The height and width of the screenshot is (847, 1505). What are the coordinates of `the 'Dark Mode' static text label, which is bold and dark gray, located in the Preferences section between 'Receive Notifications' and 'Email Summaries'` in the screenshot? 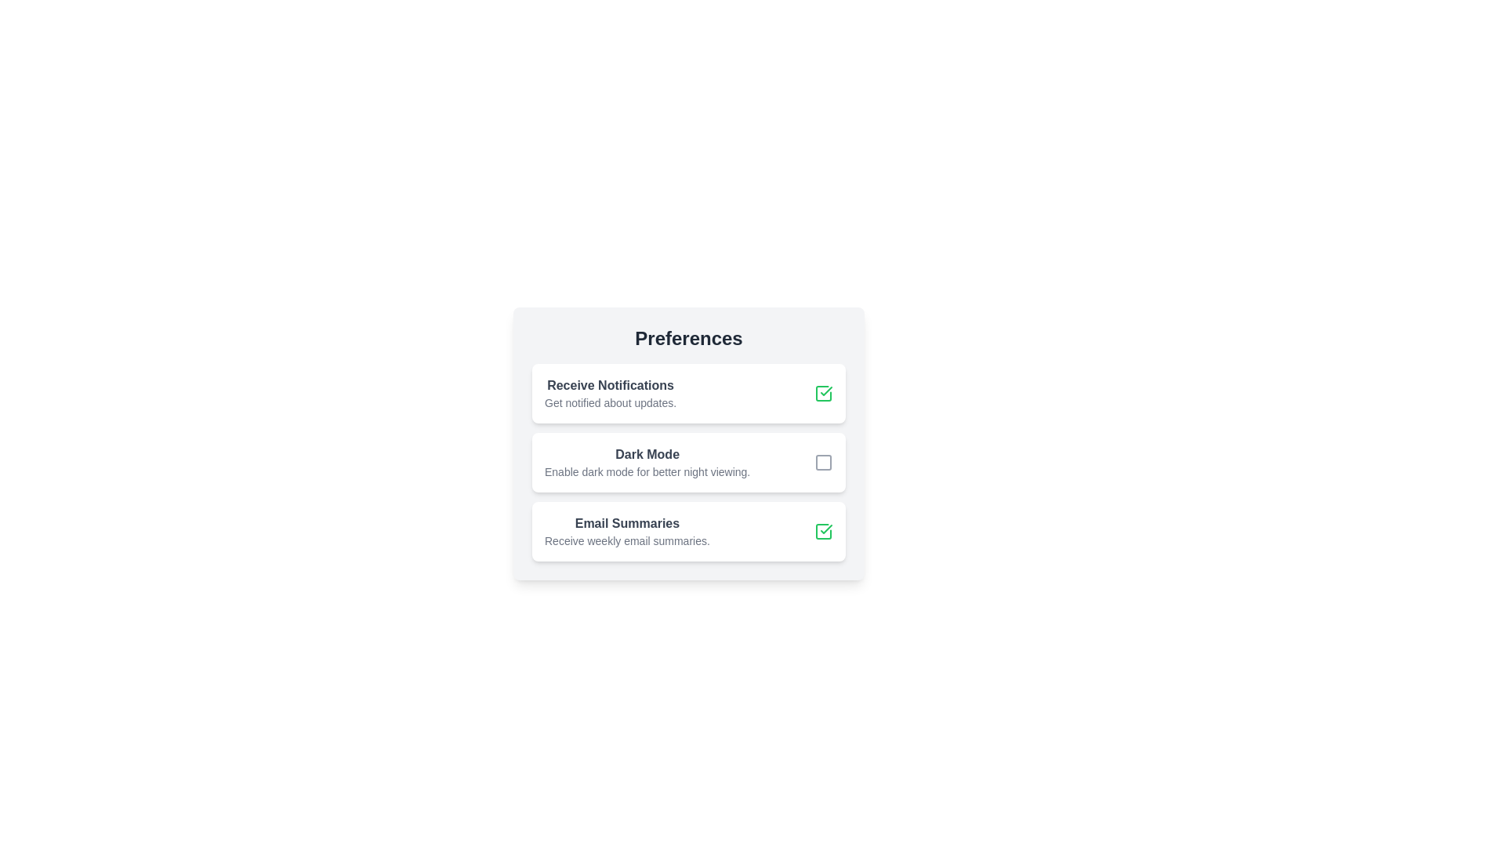 It's located at (647, 454).